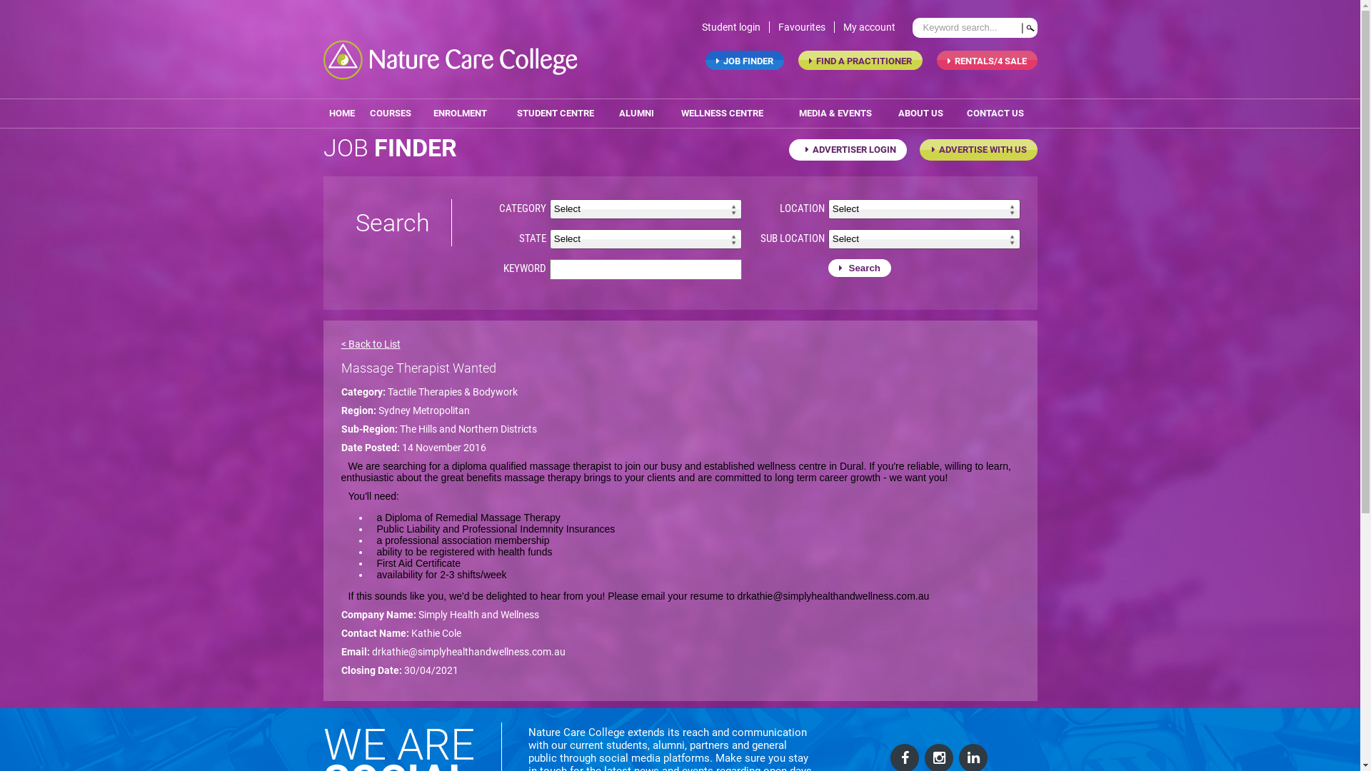 This screenshot has height=771, width=1371. Describe the element at coordinates (995, 112) in the screenshot. I see `'CONTACT US'` at that location.